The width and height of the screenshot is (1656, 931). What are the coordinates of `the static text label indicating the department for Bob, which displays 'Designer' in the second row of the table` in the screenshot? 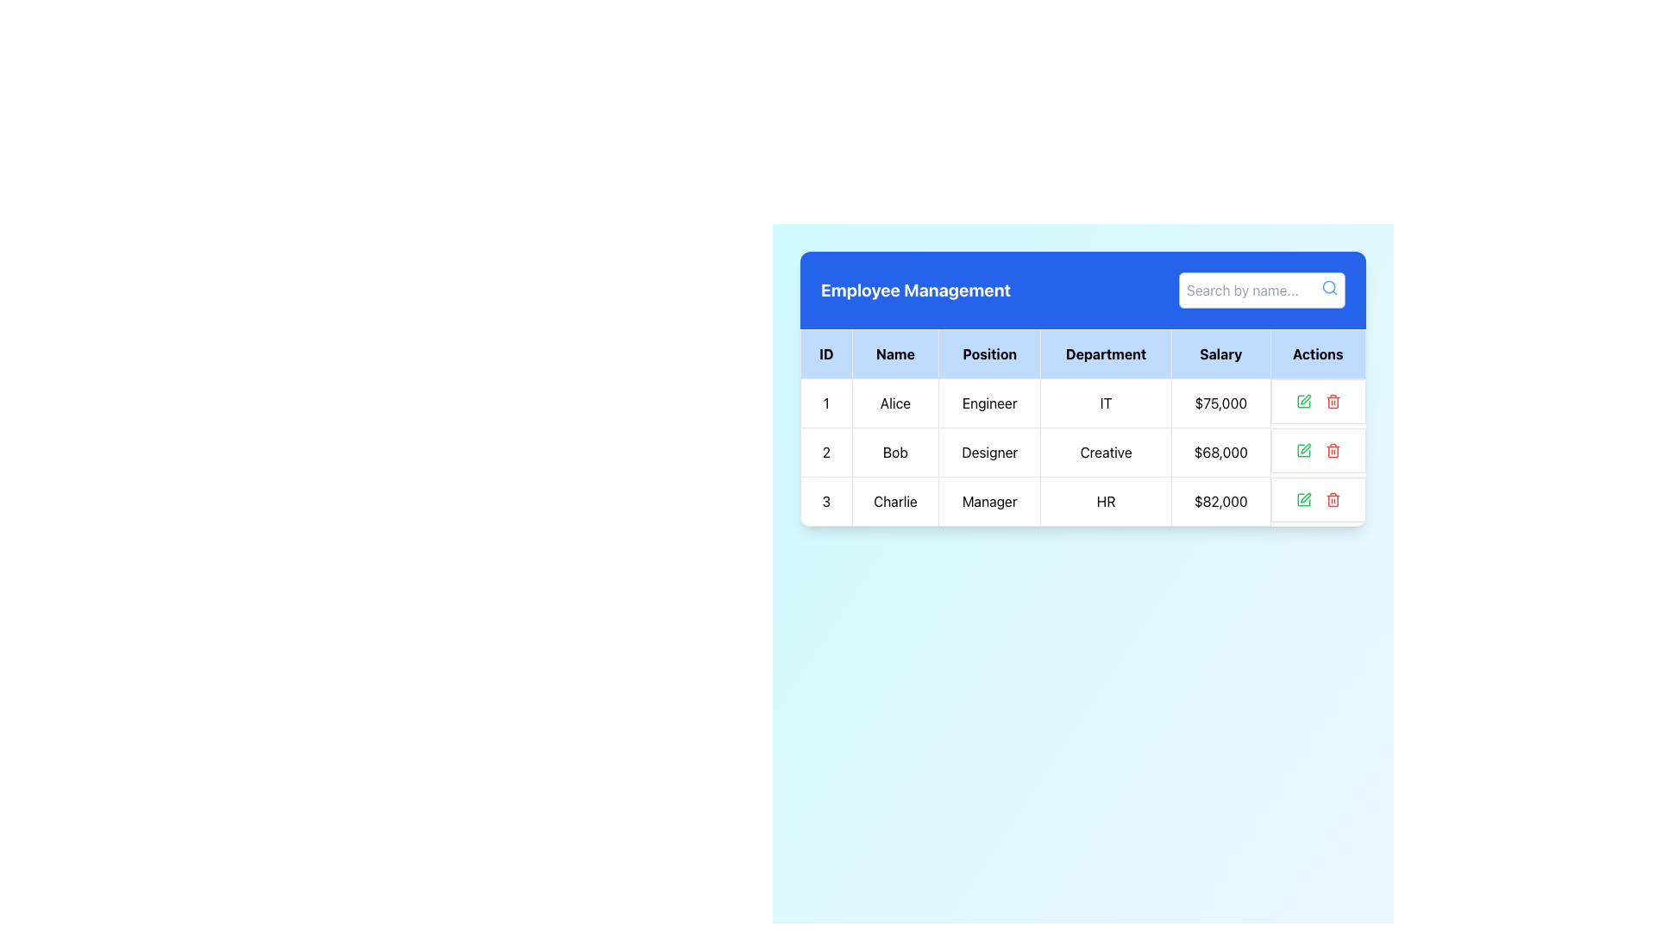 It's located at (1106, 451).